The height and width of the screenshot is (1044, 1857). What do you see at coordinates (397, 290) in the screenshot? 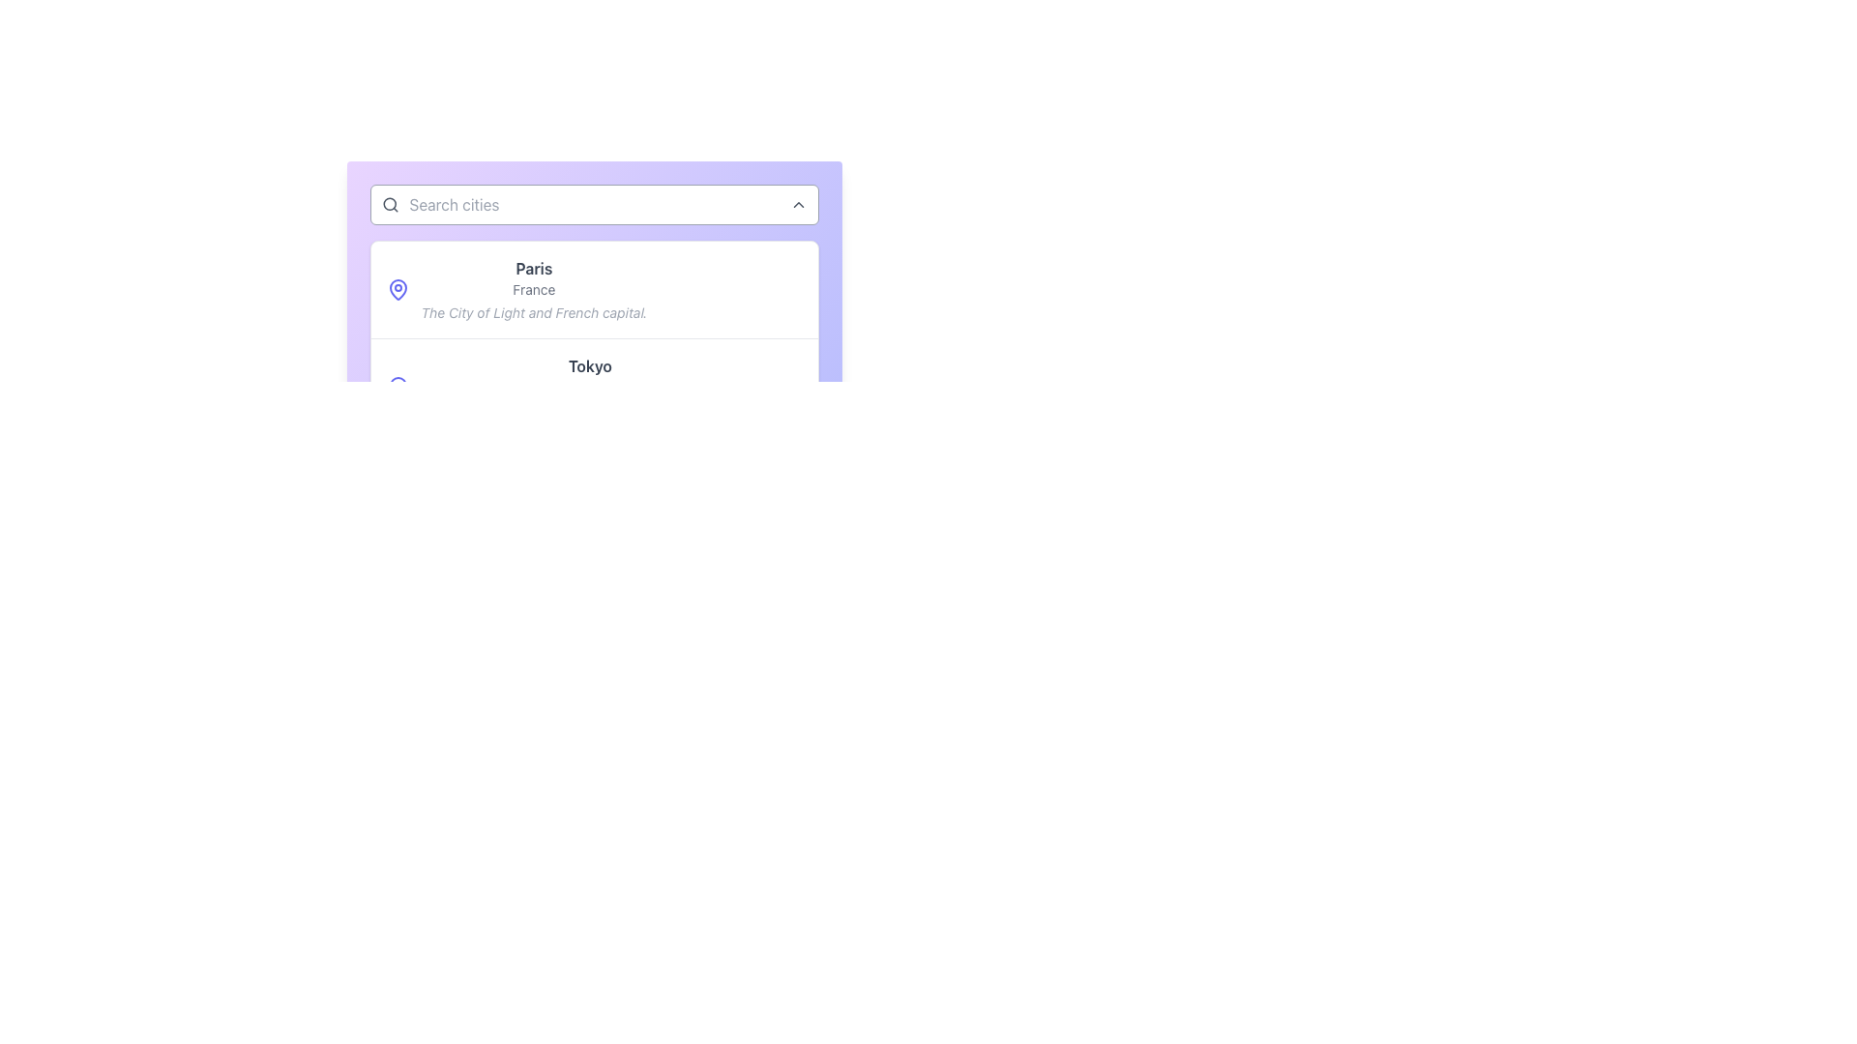
I see `the outer section of the purple map pin icon located to the left of 'Paris' in the dropdown menu, which is the first icon in the list` at bounding box center [397, 290].